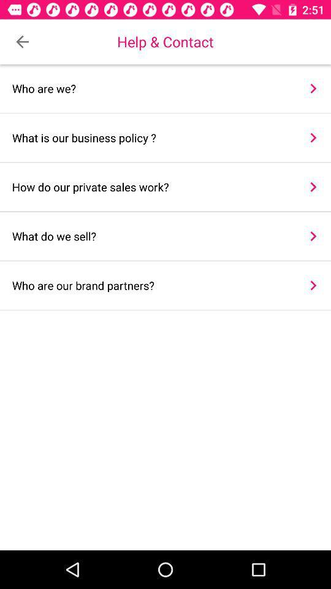 The height and width of the screenshot is (589, 331). What do you see at coordinates (313, 285) in the screenshot?
I see `item below the what do we` at bounding box center [313, 285].